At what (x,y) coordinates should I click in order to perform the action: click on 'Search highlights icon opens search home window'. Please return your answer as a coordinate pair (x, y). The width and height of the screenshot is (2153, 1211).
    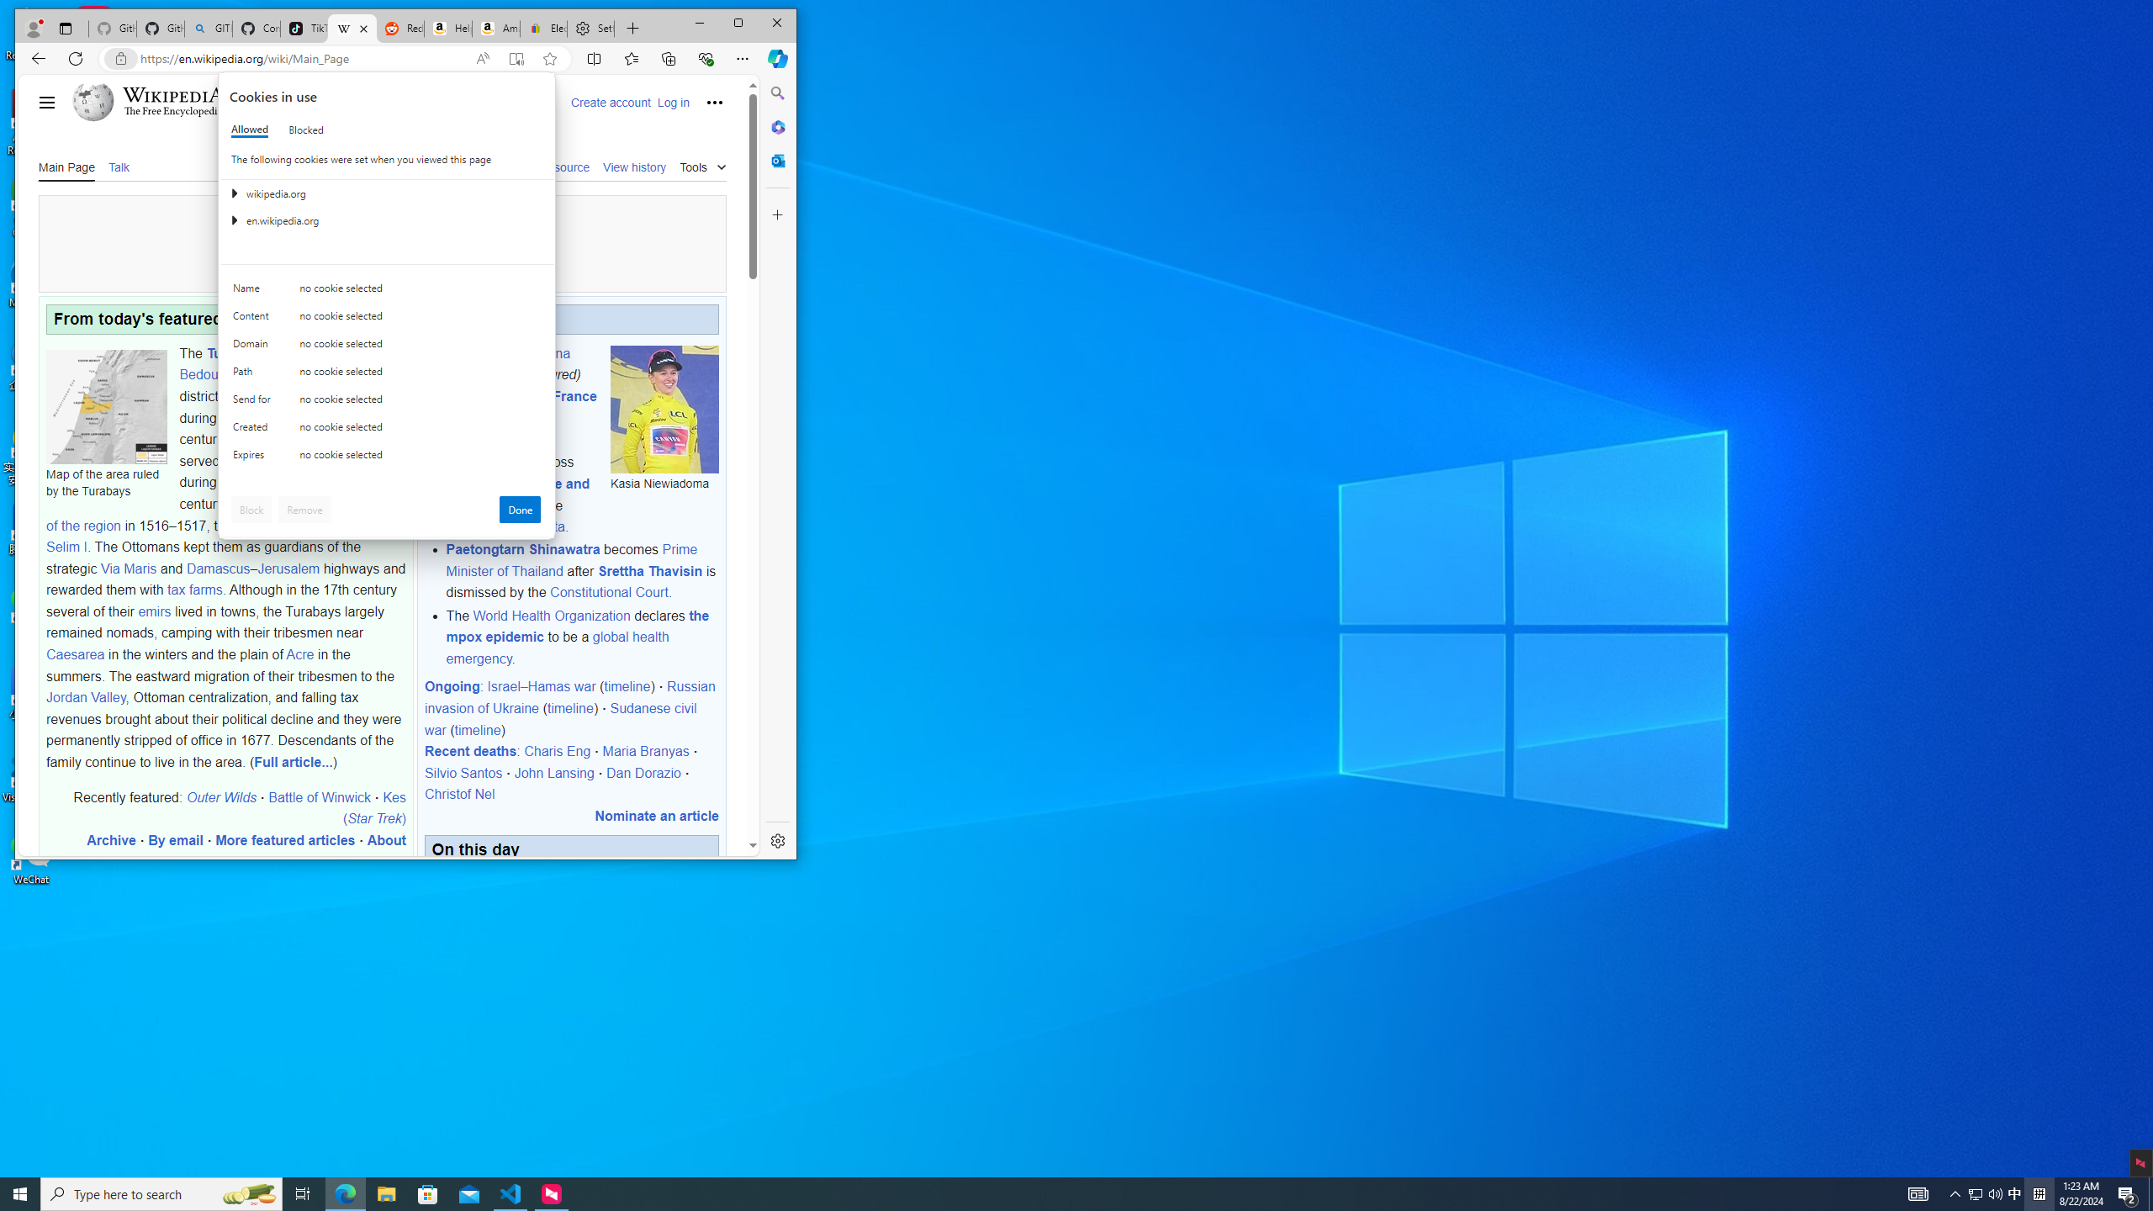
    Looking at the image, I should click on (247, 1192).